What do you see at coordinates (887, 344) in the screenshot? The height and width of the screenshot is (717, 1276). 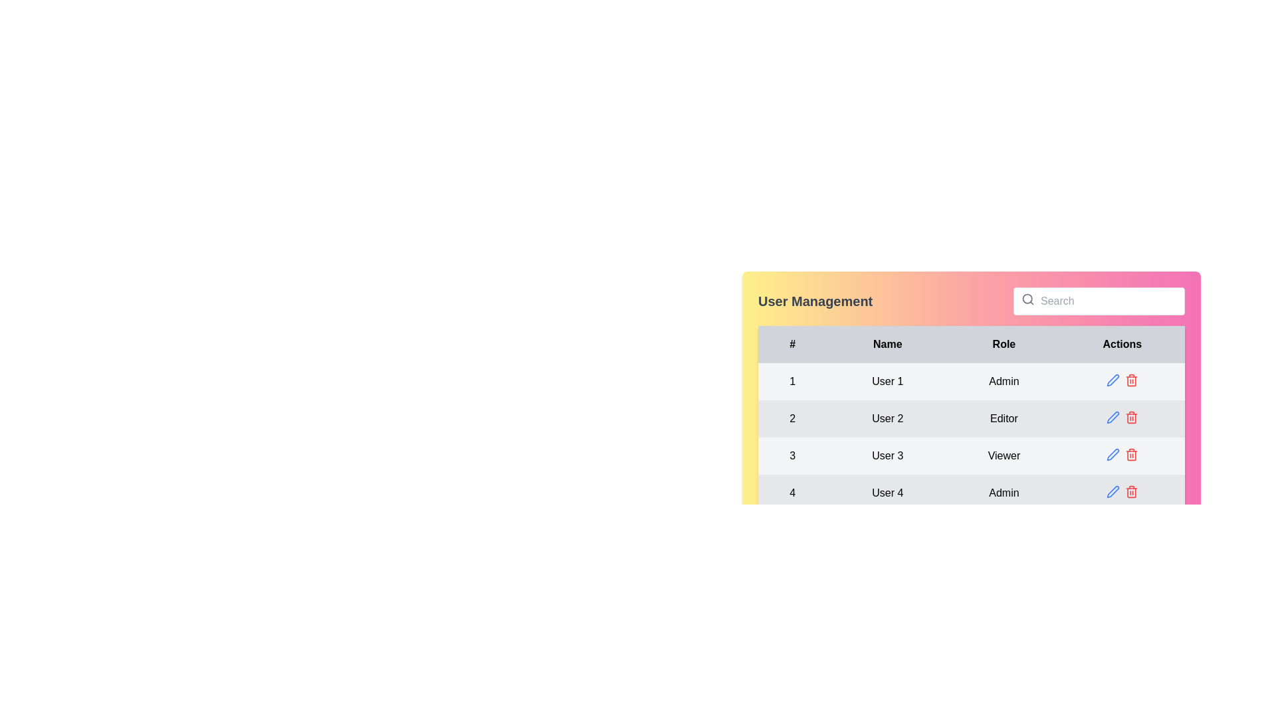 I see `the 'Name' text header element in the table` at bounding box center [887, 344].